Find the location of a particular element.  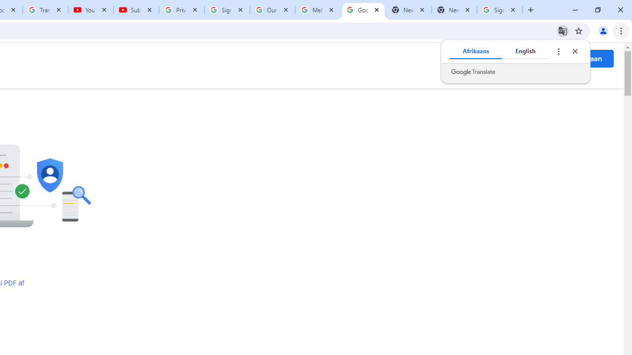

'English' is located at coordinates (525, 51).